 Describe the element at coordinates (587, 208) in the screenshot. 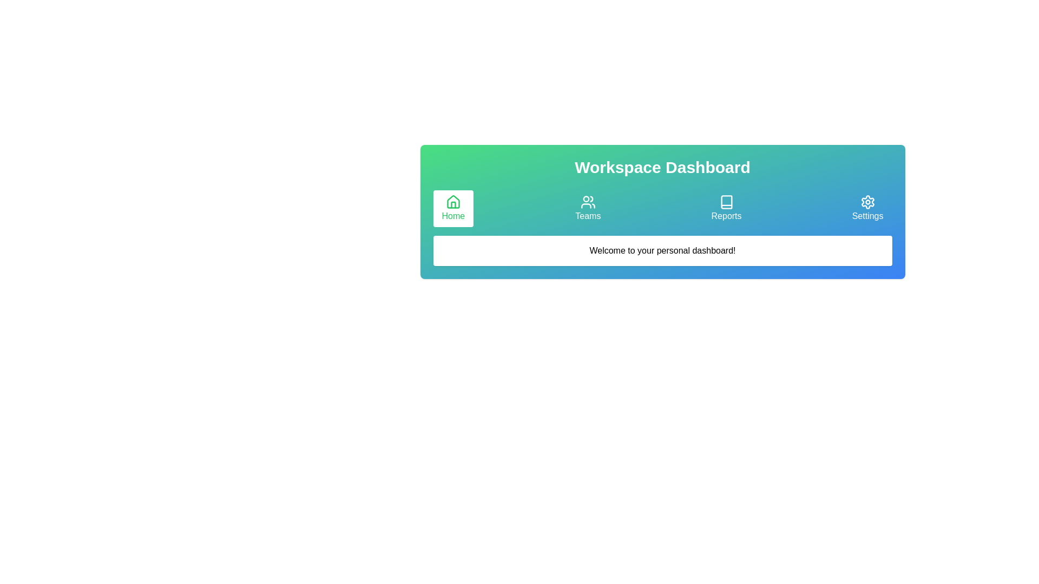

I see `the 'Teams' button, which is the second item in the navigation bar` at that location.